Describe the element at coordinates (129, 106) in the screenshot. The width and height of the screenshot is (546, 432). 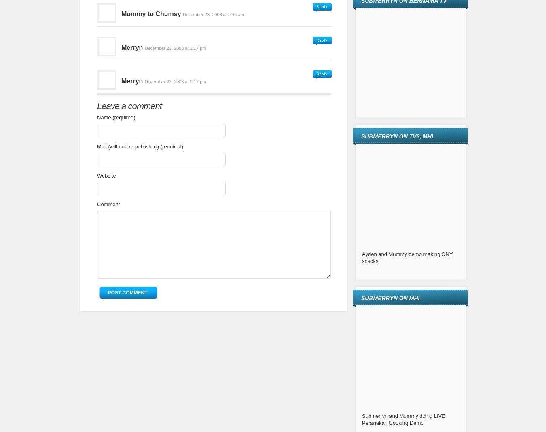
I see `'Leave a comment'` at that location.